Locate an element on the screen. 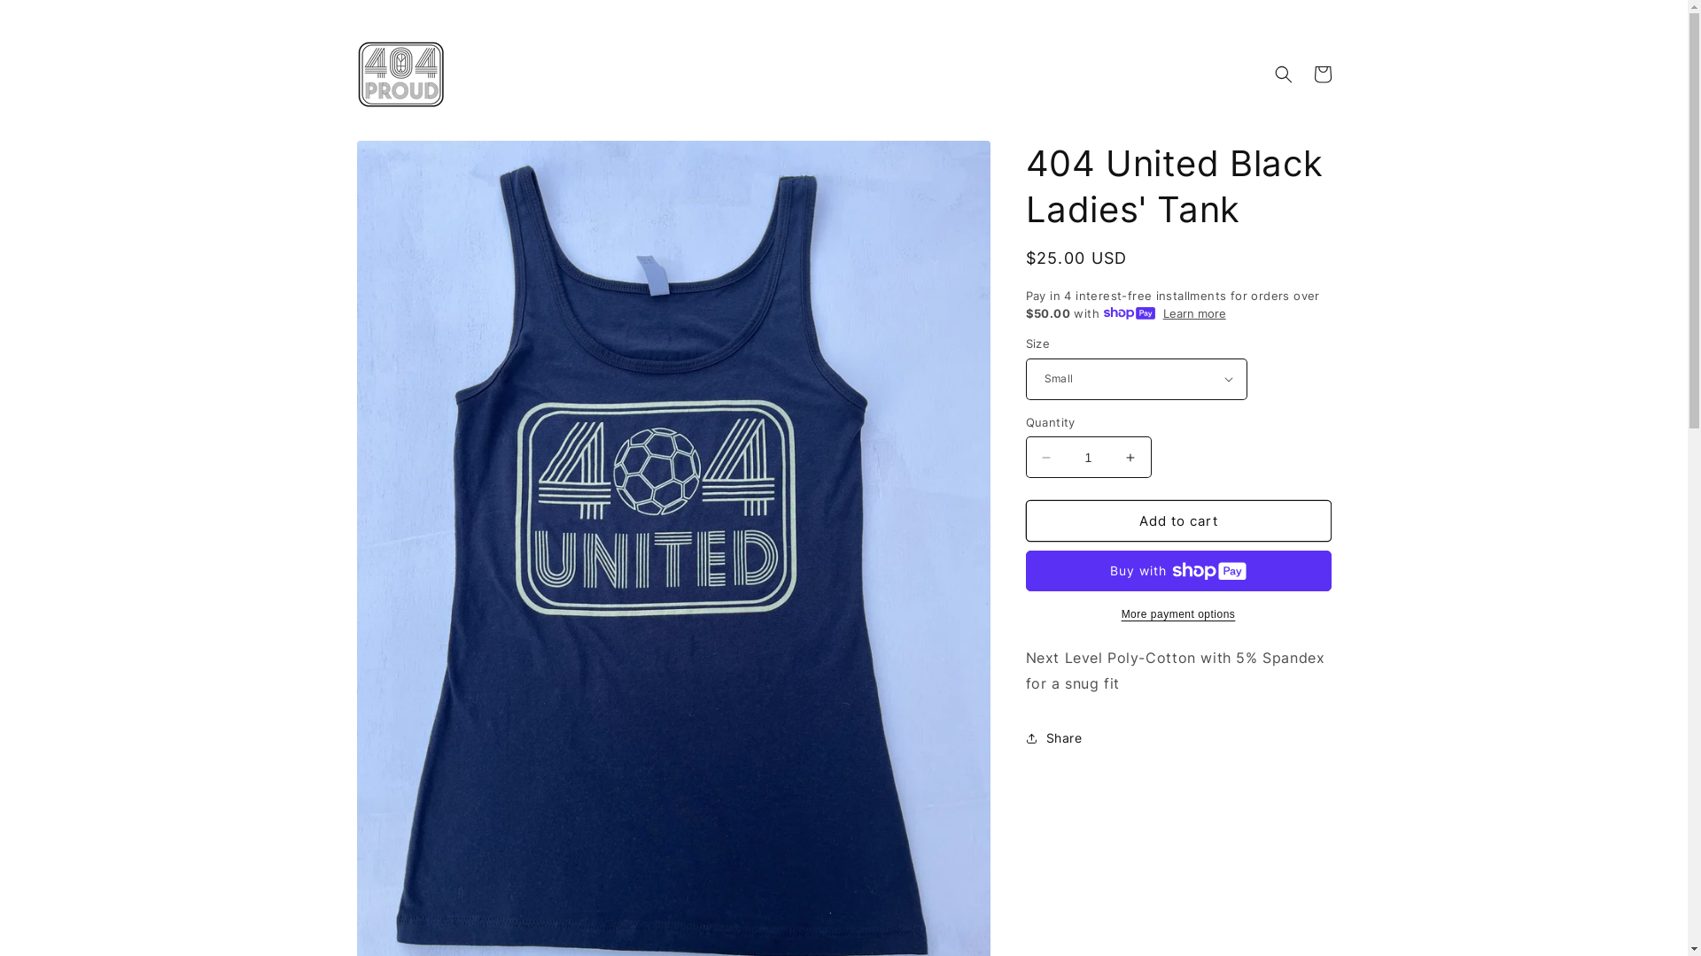 This screenshot has width=1701, height=956. 'Cart' is located at coordinates (1322, 73).